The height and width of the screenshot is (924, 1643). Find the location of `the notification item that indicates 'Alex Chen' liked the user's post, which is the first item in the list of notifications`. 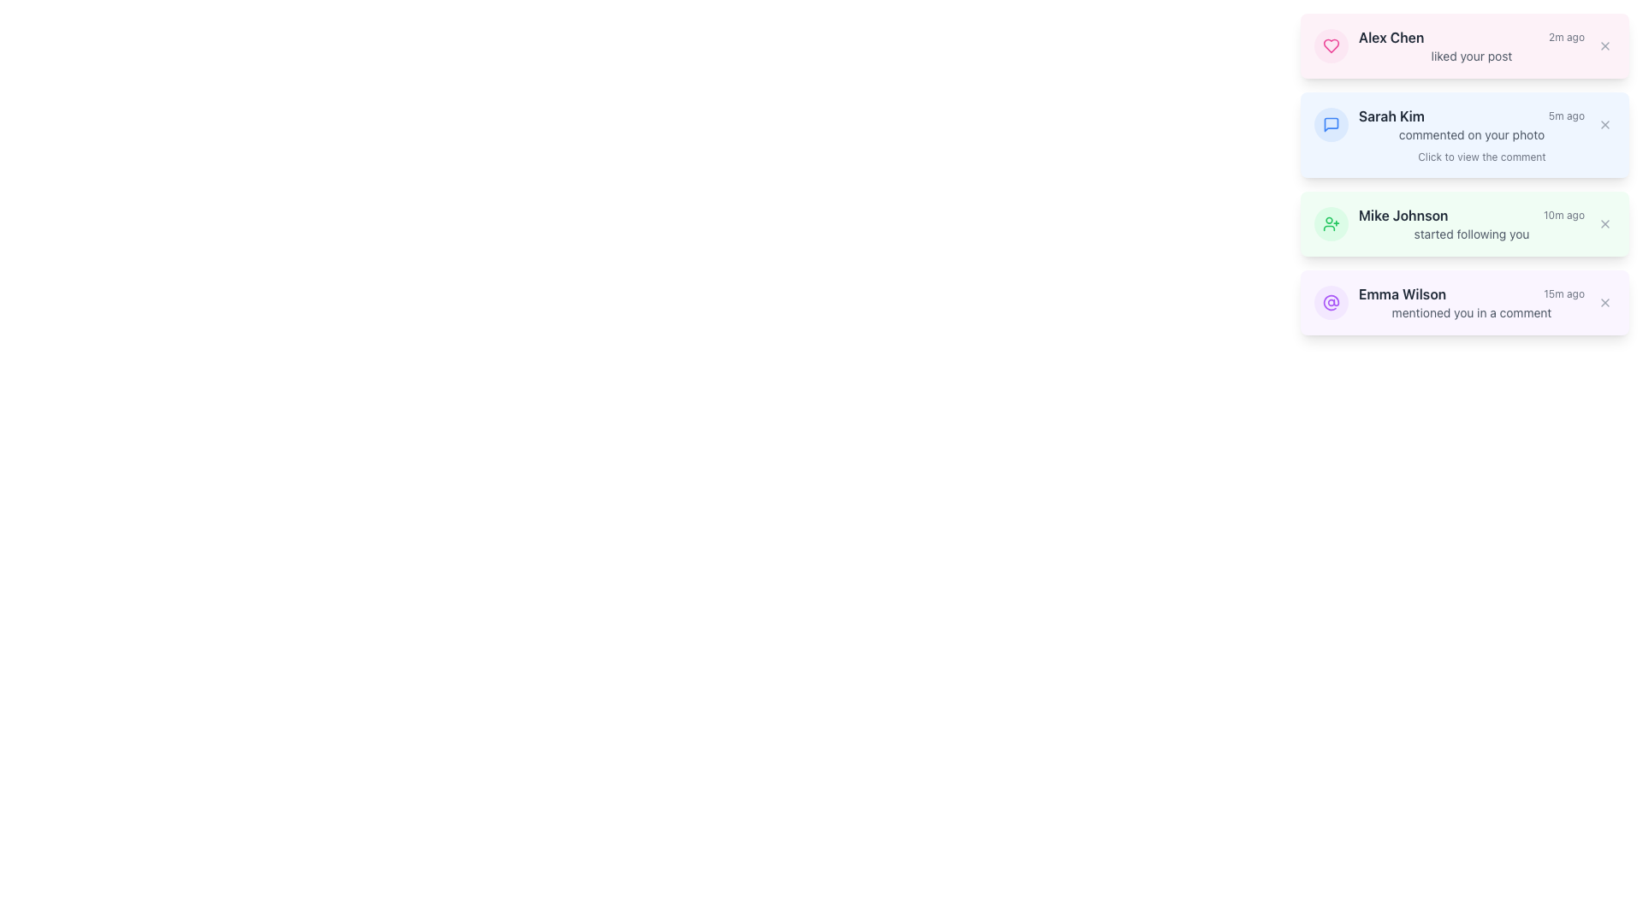

the notification item that indicates 'Alex Chen' liked the user's post, which is the first item in the list of notifications is located at coordinates (1470, 45).